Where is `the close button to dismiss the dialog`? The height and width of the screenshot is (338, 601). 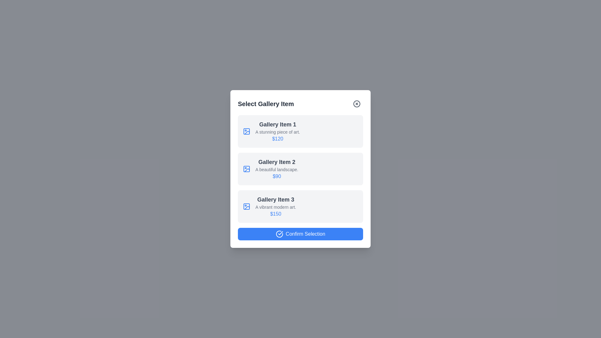
the close button to dismiss the dialog is located at coordinates (357, 103).